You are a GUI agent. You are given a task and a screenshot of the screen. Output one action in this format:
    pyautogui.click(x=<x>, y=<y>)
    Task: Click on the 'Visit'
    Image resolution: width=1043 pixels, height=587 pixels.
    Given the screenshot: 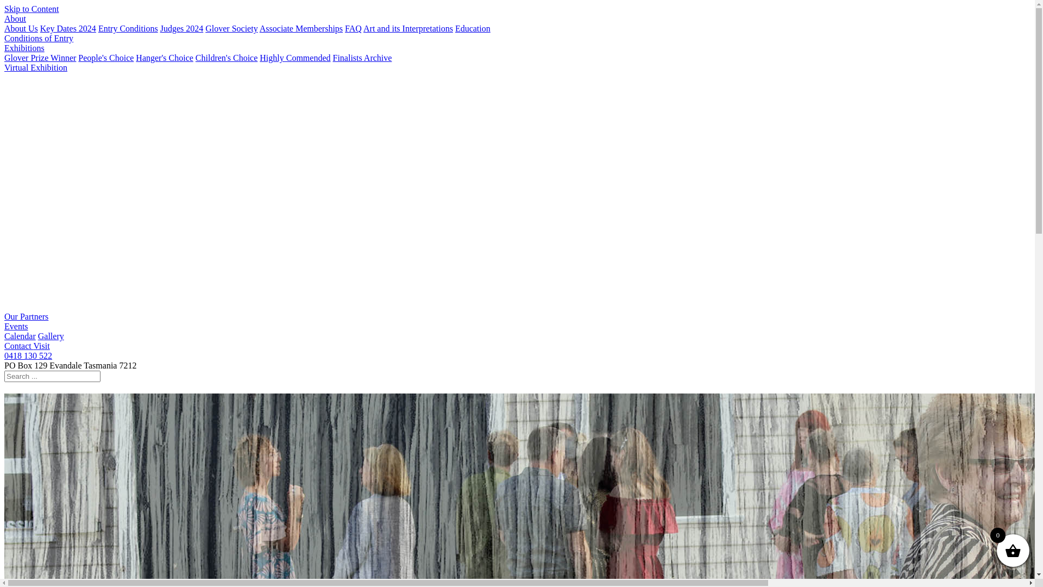 What is the action you would take?
    pyautogui.click(x=41, y=346)
    